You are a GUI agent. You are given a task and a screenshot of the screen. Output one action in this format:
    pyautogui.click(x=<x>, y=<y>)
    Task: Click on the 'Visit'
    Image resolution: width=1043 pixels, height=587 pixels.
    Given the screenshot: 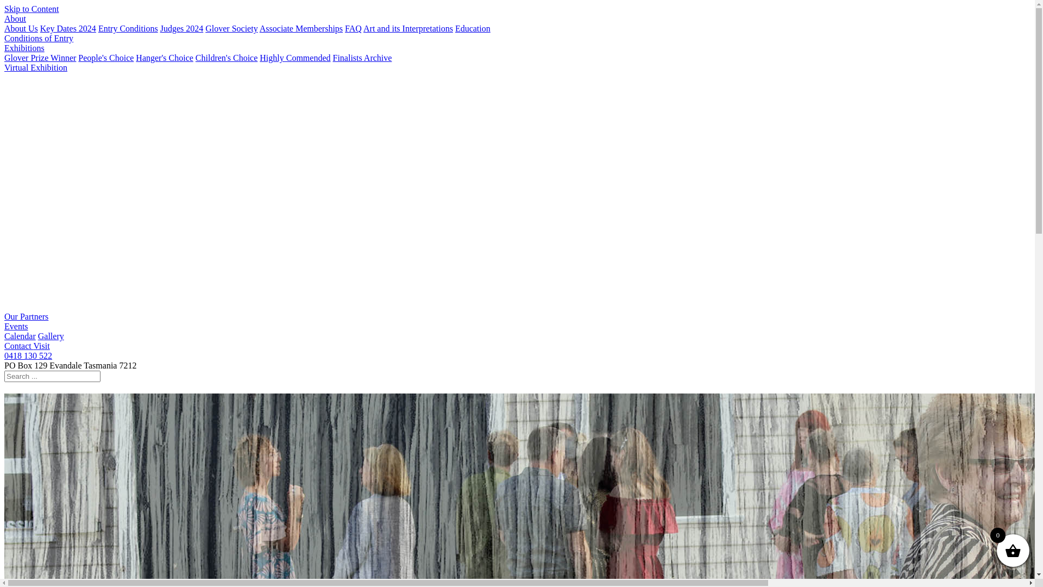 What is the action you would take?
    pyautogui.click(x=41, y=346)
    